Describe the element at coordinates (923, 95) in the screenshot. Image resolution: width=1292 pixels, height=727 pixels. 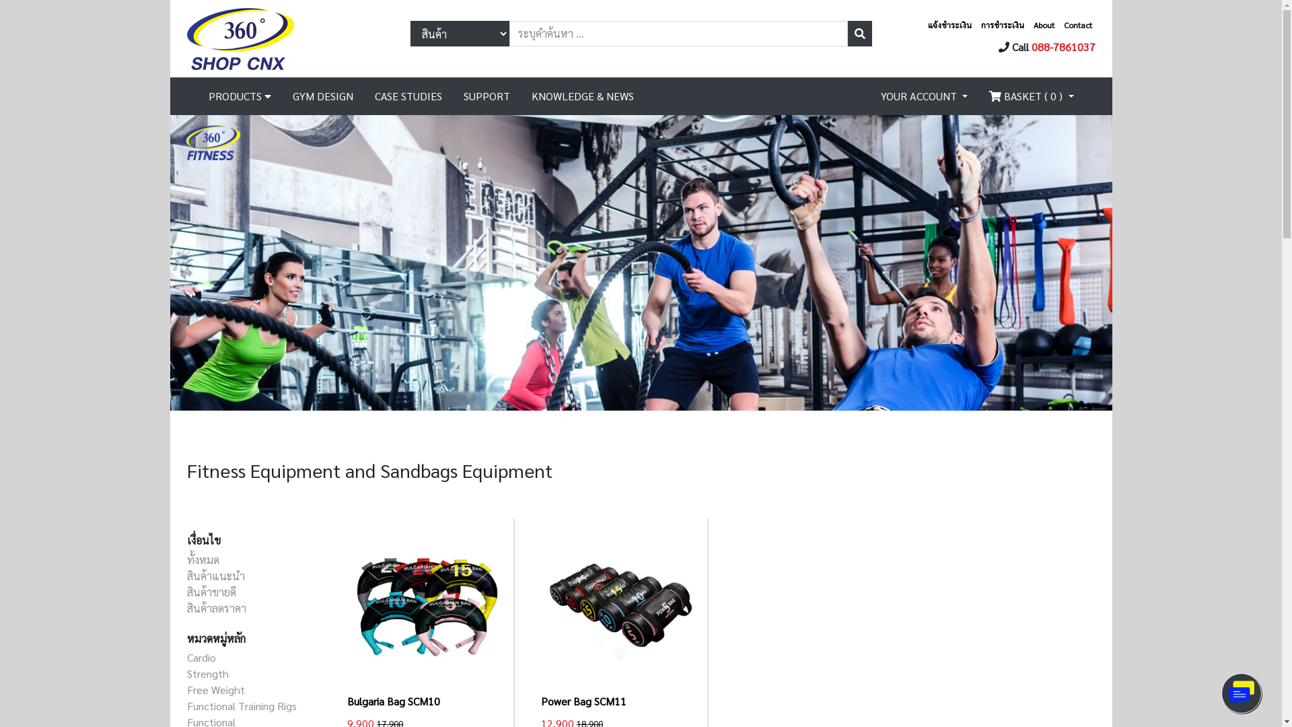
I see `'YOUR ACCOUNT'` at that location.